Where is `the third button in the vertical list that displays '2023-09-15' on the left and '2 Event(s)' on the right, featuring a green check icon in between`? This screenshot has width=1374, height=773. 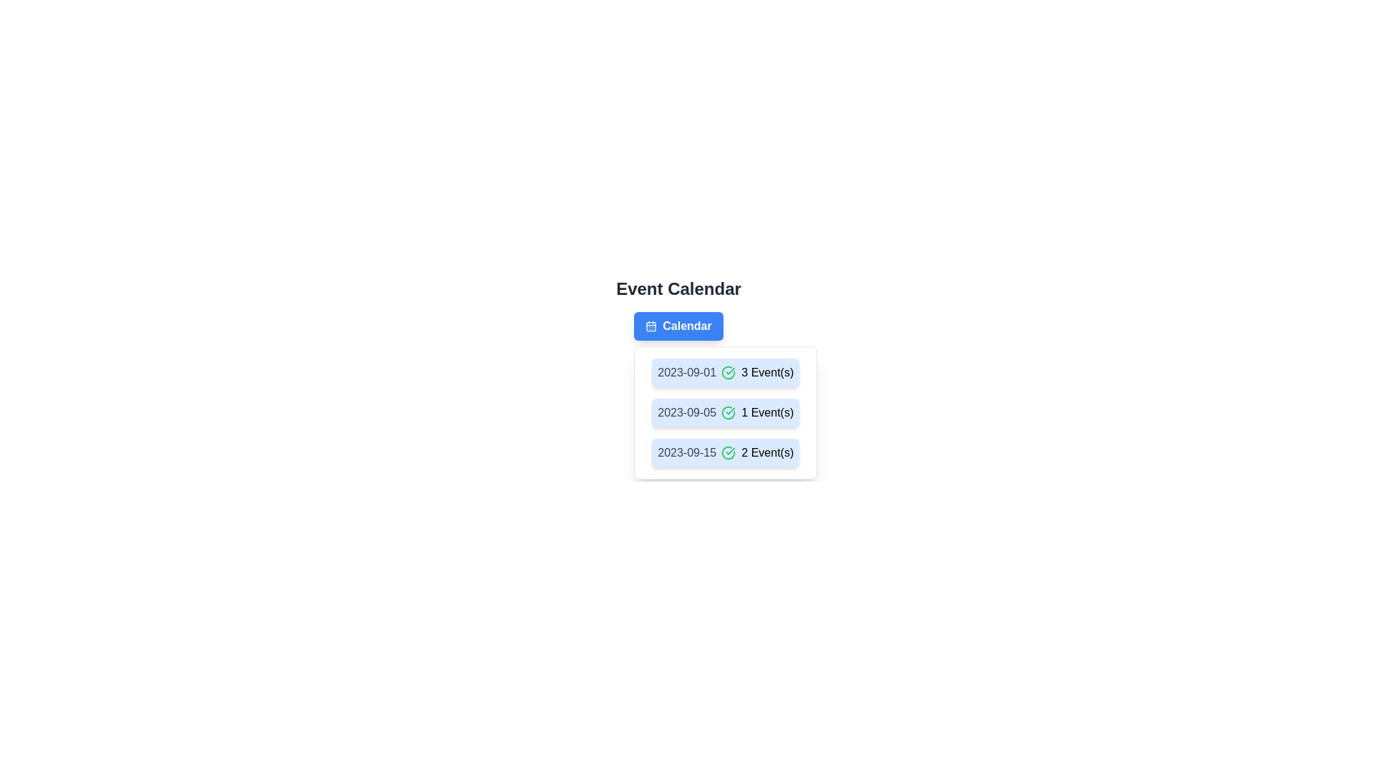 the third button in the vertical list that displays '2023-09-15' on the left and '2 Event(s)' on the right, featuring a green check icon in between is located at coordinates (726, 452).